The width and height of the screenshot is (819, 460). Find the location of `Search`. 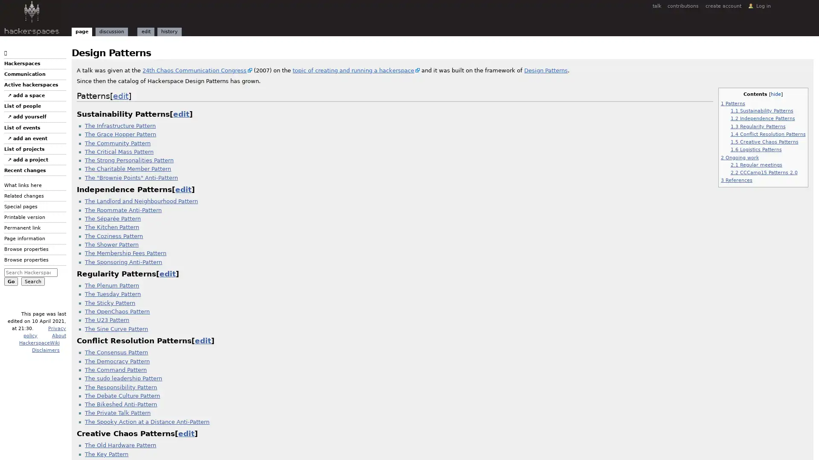

Search is located at coordinates (33, 281).